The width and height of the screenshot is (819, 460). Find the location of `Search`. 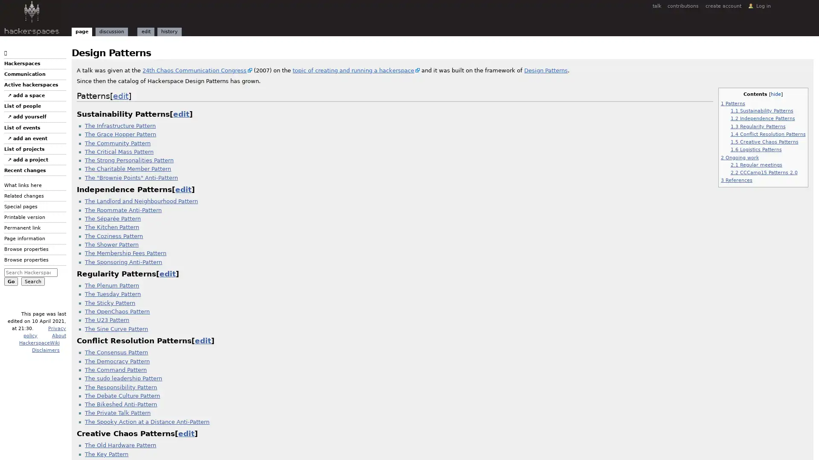

Search is located at coordinates (33, 281).